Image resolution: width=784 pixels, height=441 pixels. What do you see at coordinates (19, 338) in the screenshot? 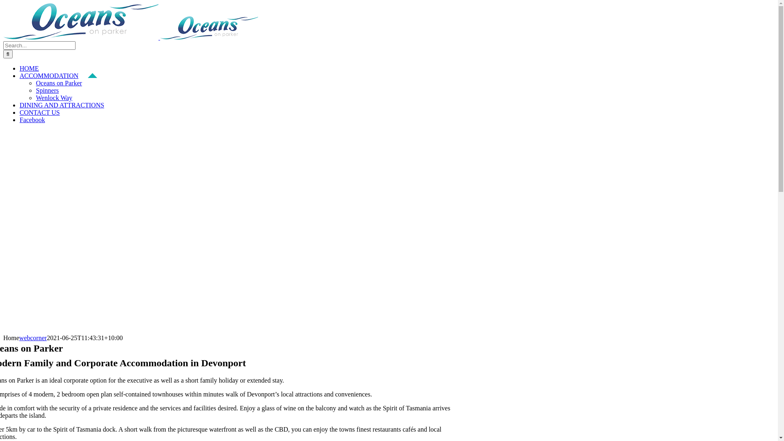
I see `'webcorner'` at bounding box center [19, 338].